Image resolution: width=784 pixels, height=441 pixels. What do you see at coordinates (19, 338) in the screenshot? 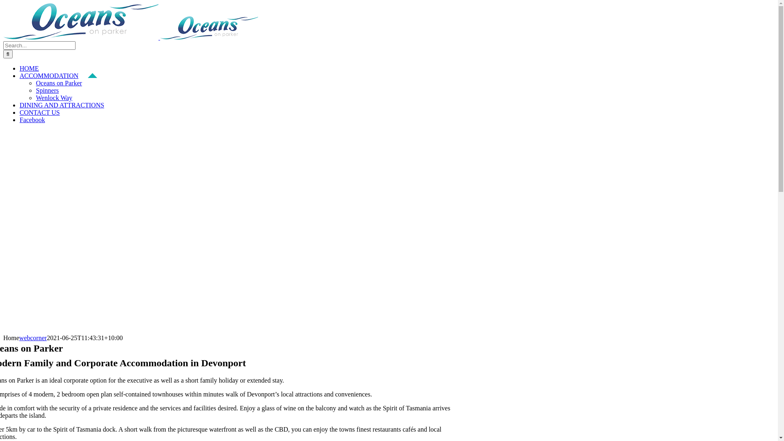
I see `'webcorner'` at bounding box center [19, 338].